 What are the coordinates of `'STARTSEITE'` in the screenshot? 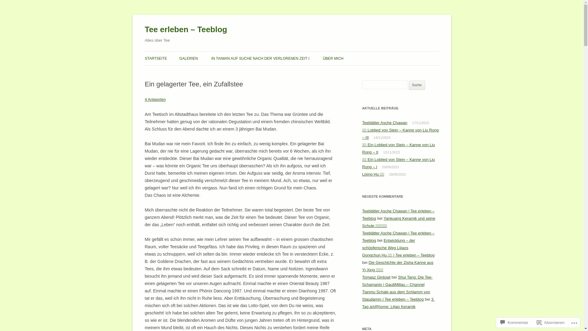 It's located at (156, 59).